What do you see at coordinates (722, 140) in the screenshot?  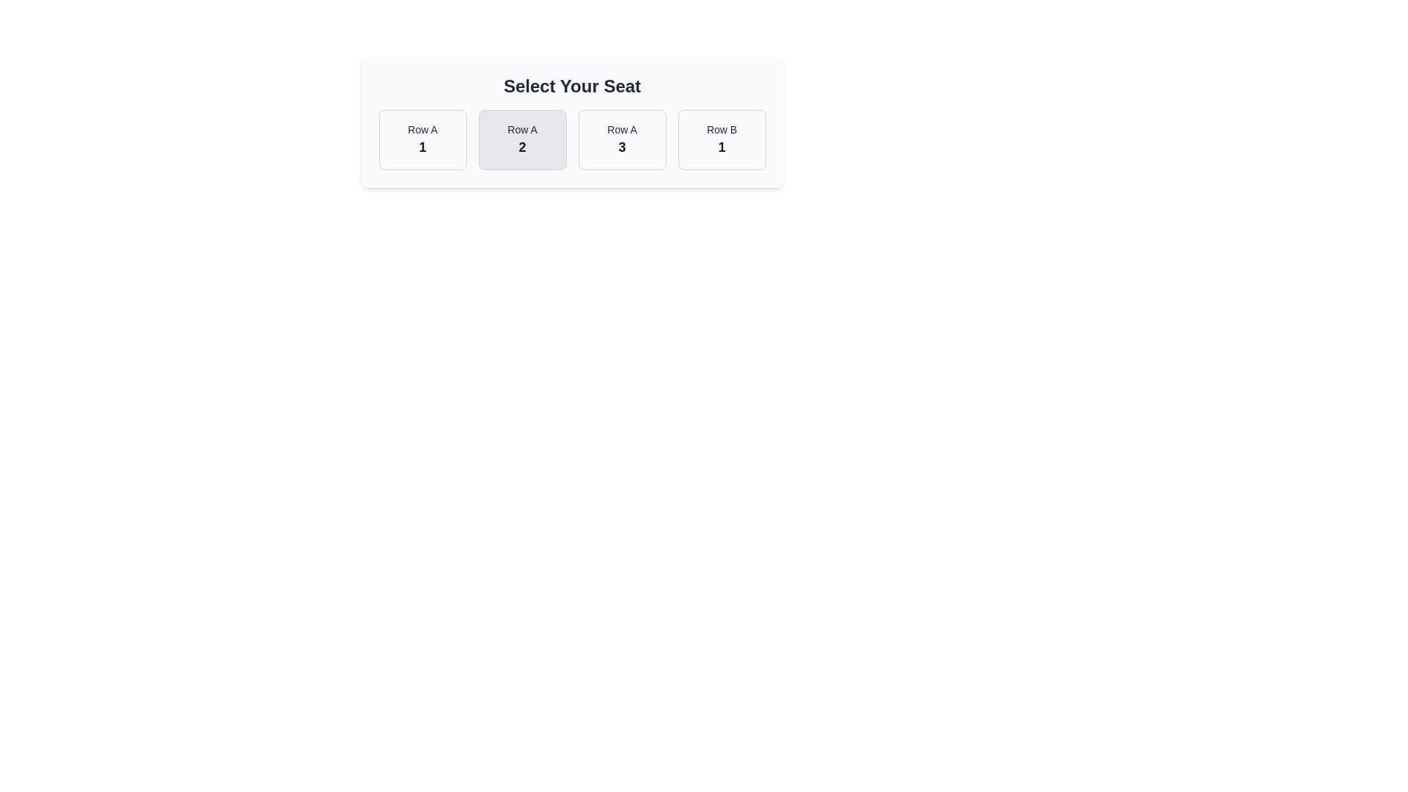 I see `the rectangular button with rounded corners and a white background containing 'Row B' above '1'` at bounding box center [722, 140].